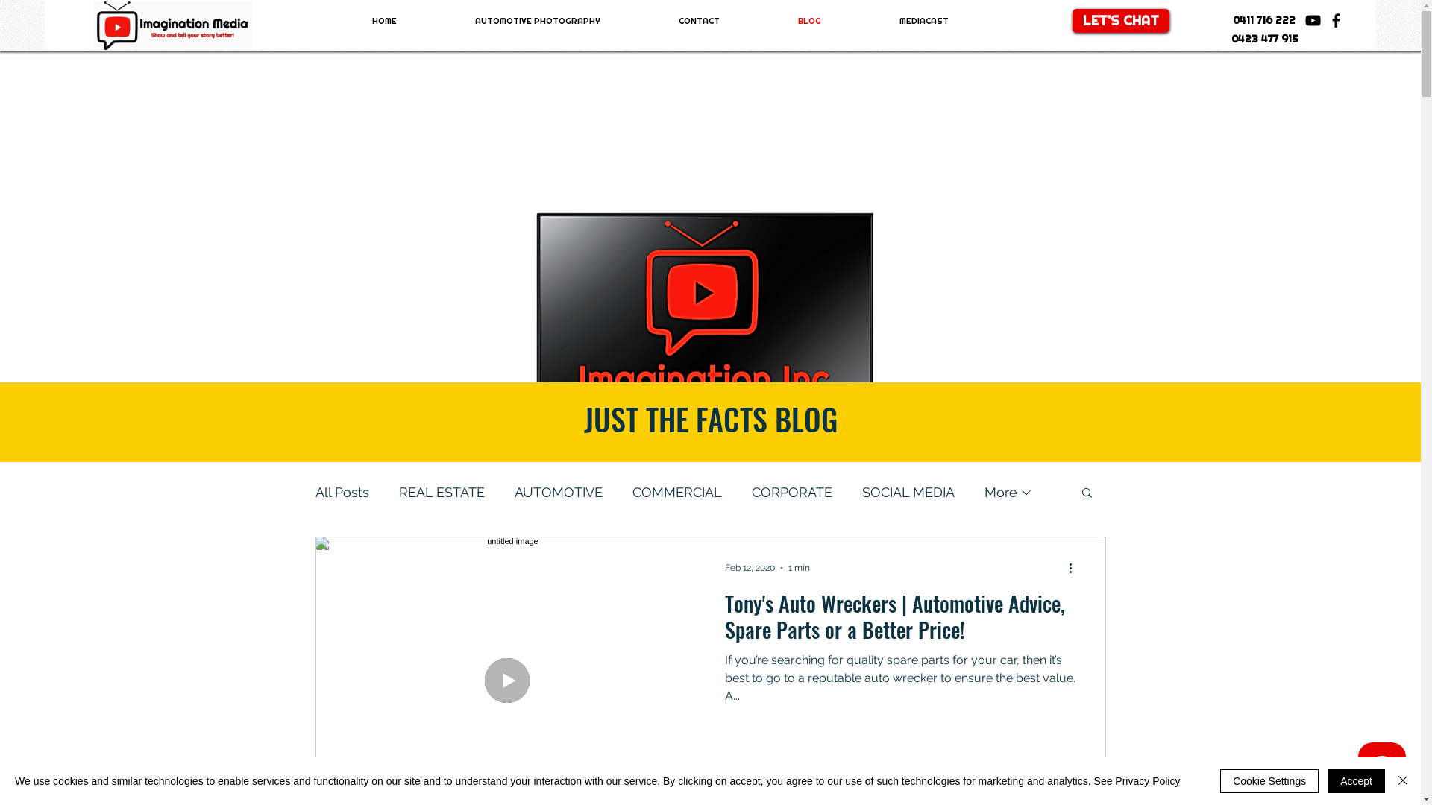 This screenshot has width=1432, height=805. I want to click on 'BLOG', so click(808, 20).